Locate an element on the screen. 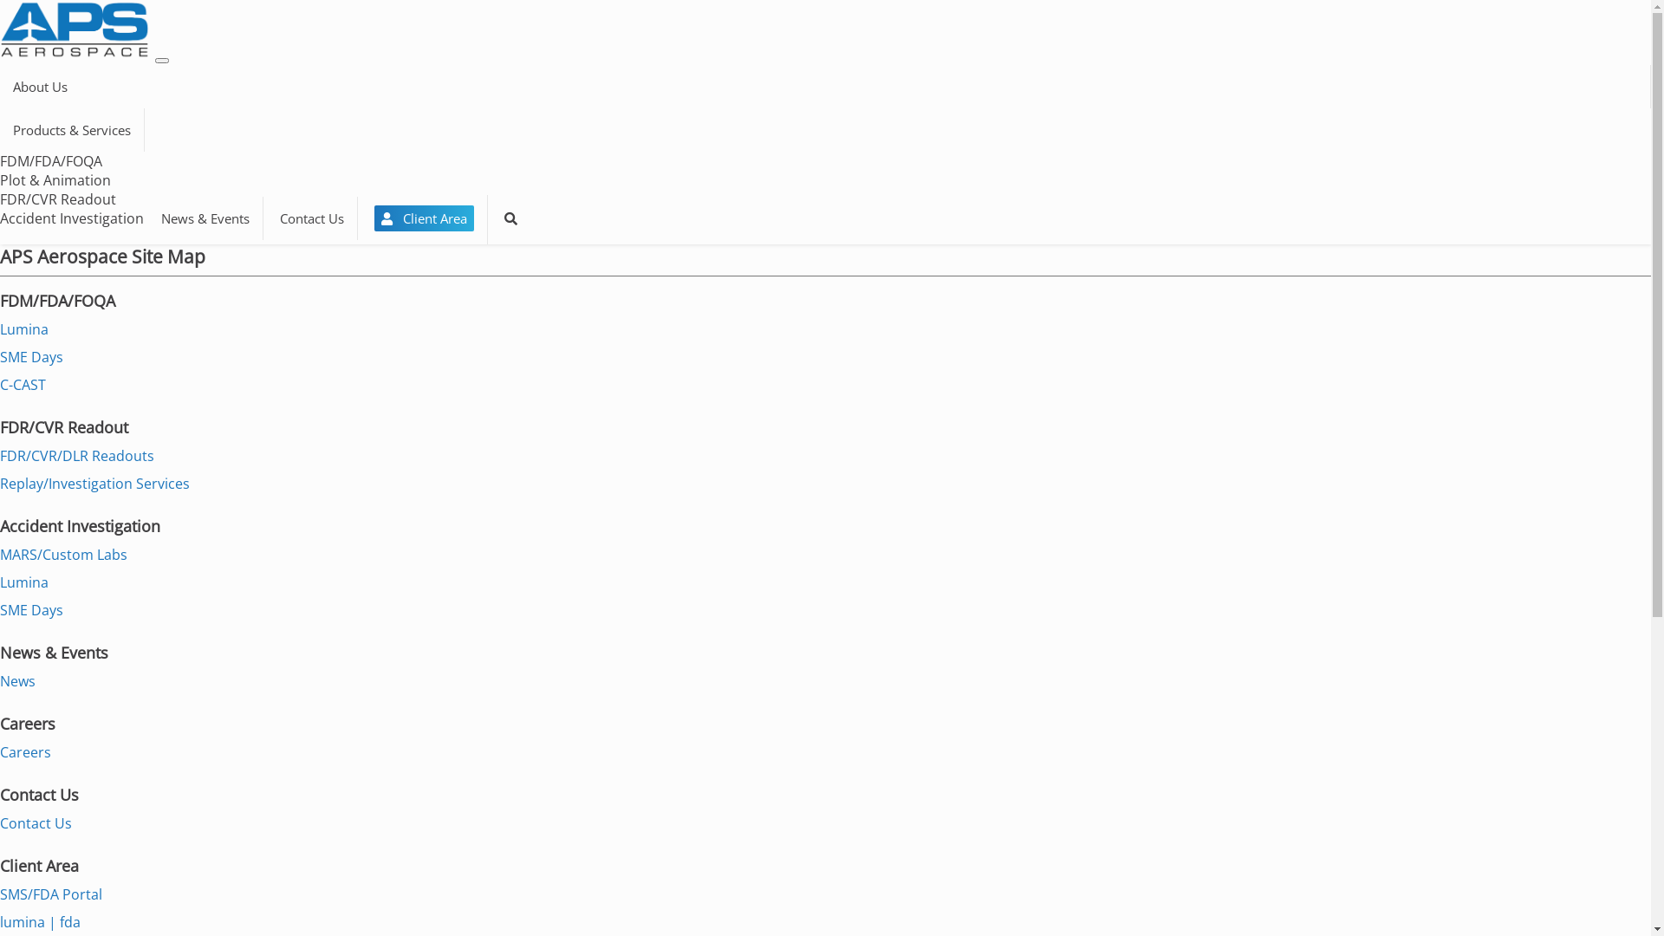 The height and width of the screenshot is (936, 1664). 'SME Days' is located at coordinates (0, 609).